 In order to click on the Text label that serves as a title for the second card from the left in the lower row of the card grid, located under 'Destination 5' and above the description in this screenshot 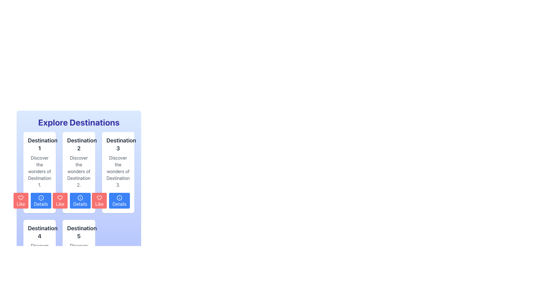, I will do `click(78, 232)`.